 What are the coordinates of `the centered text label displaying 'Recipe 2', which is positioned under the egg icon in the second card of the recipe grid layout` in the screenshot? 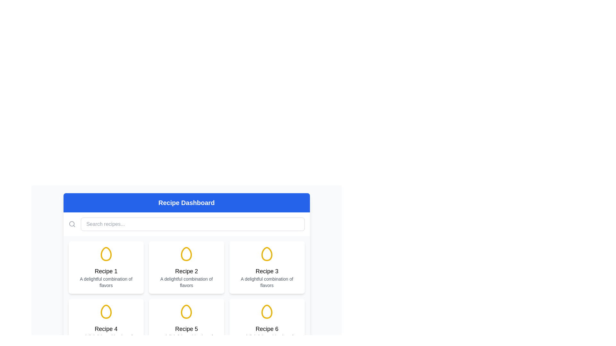 It's located at (186, 271).